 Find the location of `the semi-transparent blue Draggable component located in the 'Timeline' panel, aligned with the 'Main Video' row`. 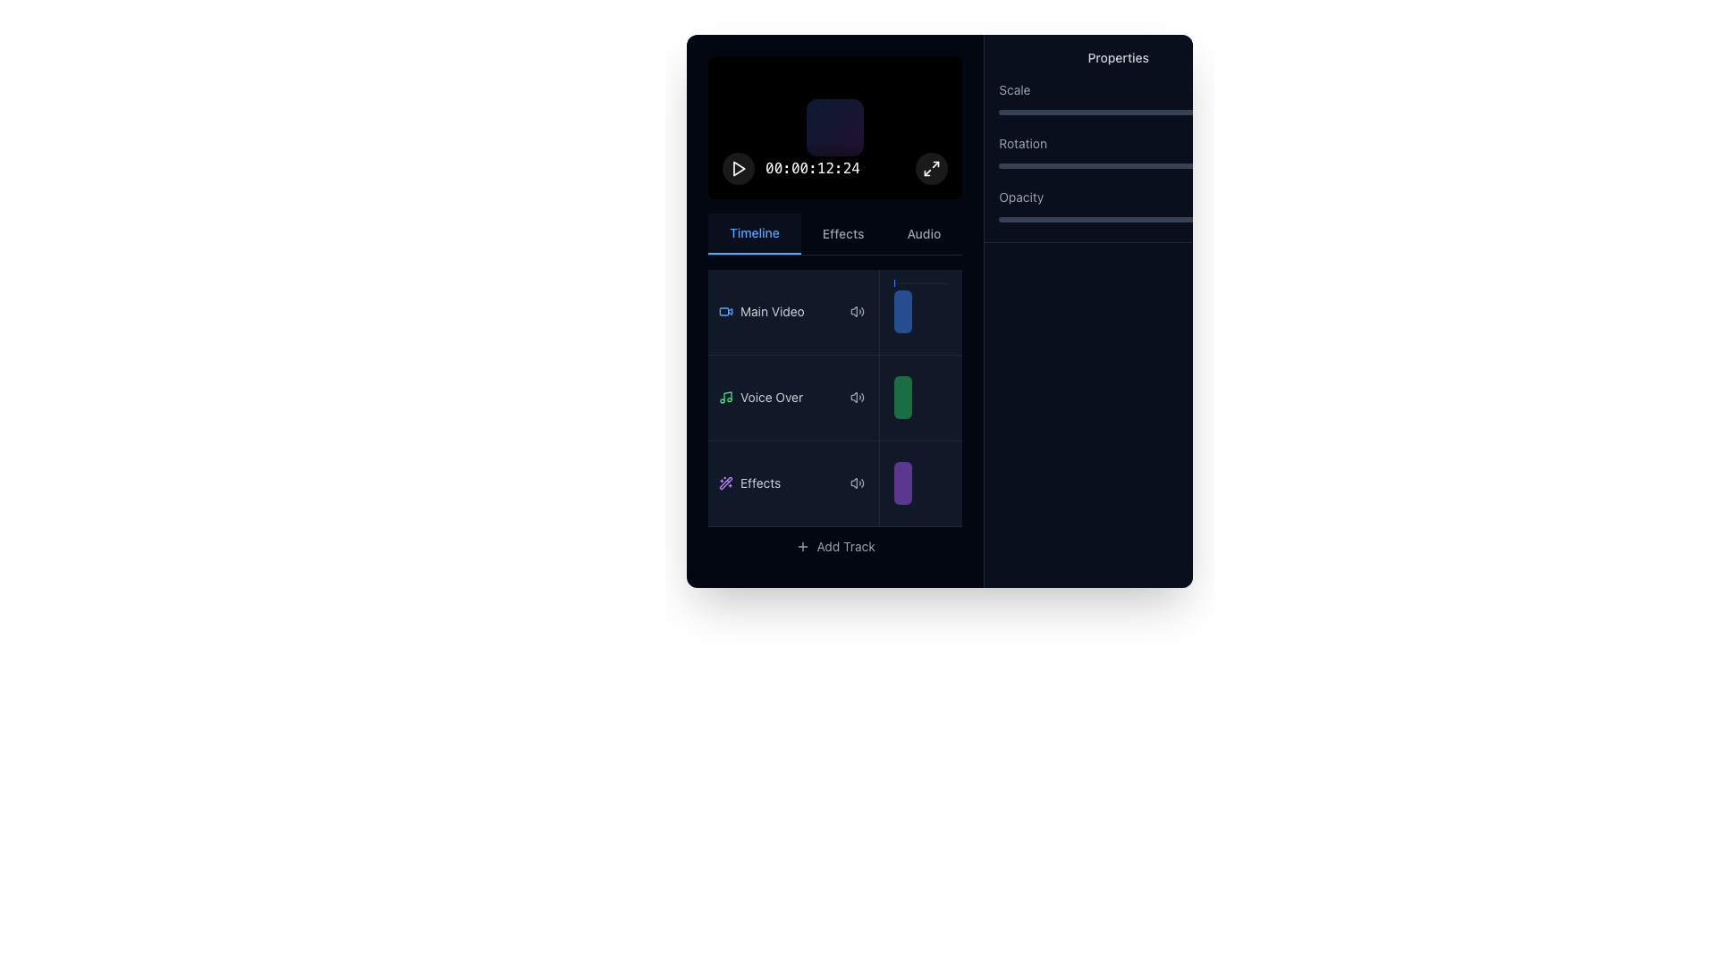

the semi-transparent blue Draggable component located in the 'Timeline' panel, aligned with the 'Main Video' row is located at coordinates (903, 311).